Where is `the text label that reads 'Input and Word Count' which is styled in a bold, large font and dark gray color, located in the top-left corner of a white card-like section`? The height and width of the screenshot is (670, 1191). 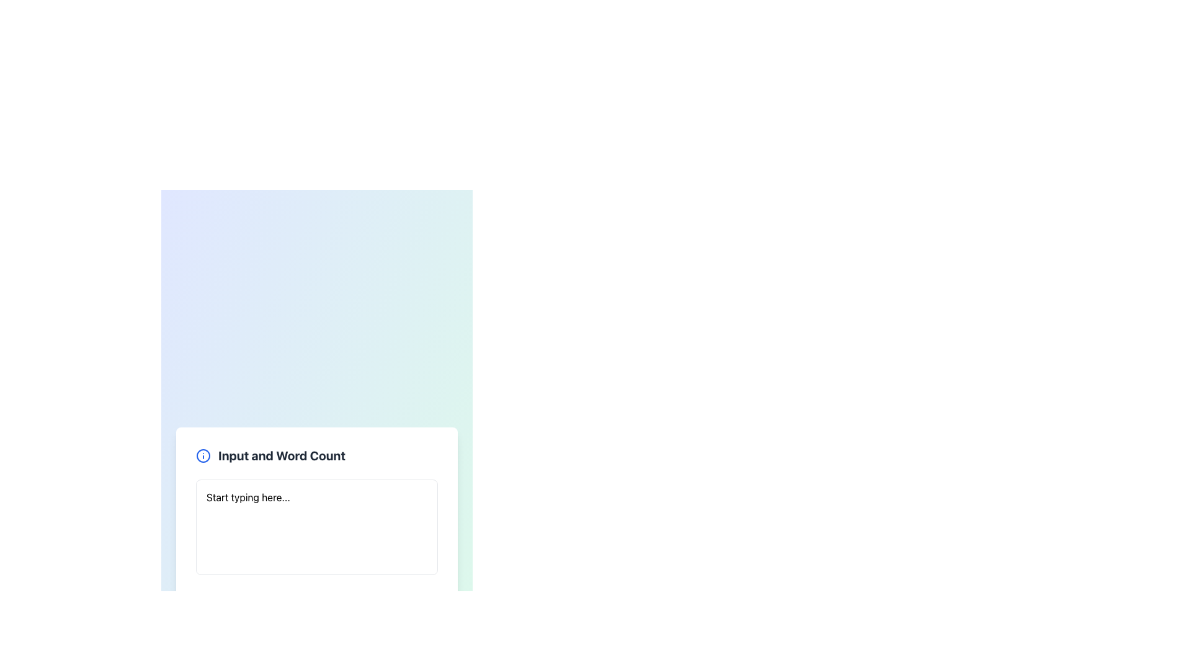
the text label that reads 'Input and Word Count' which is styled in a bold, large font and dark gray color, located in the top-left corner of a white card-like section is located at coordinates (281, 456).